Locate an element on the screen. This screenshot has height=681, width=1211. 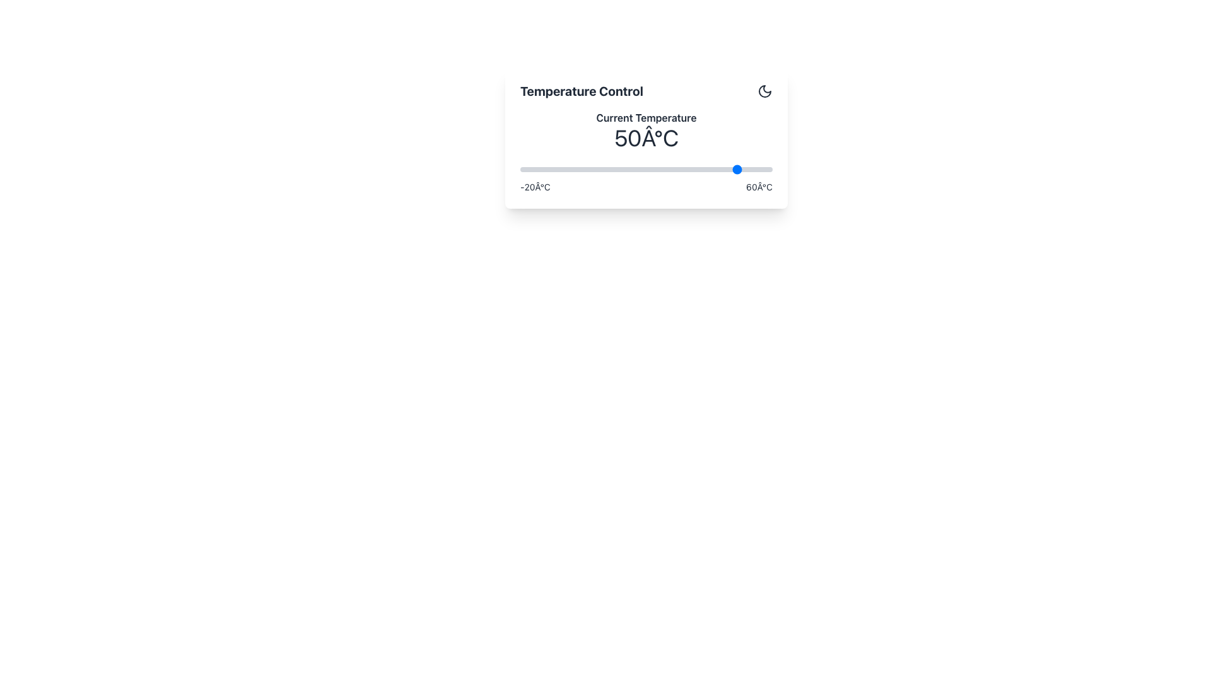
the lower limit indicator label of the temperature range, which is located adjacent to the label '60Â°C' in the temperature control section is located at coordinates (535, 187).